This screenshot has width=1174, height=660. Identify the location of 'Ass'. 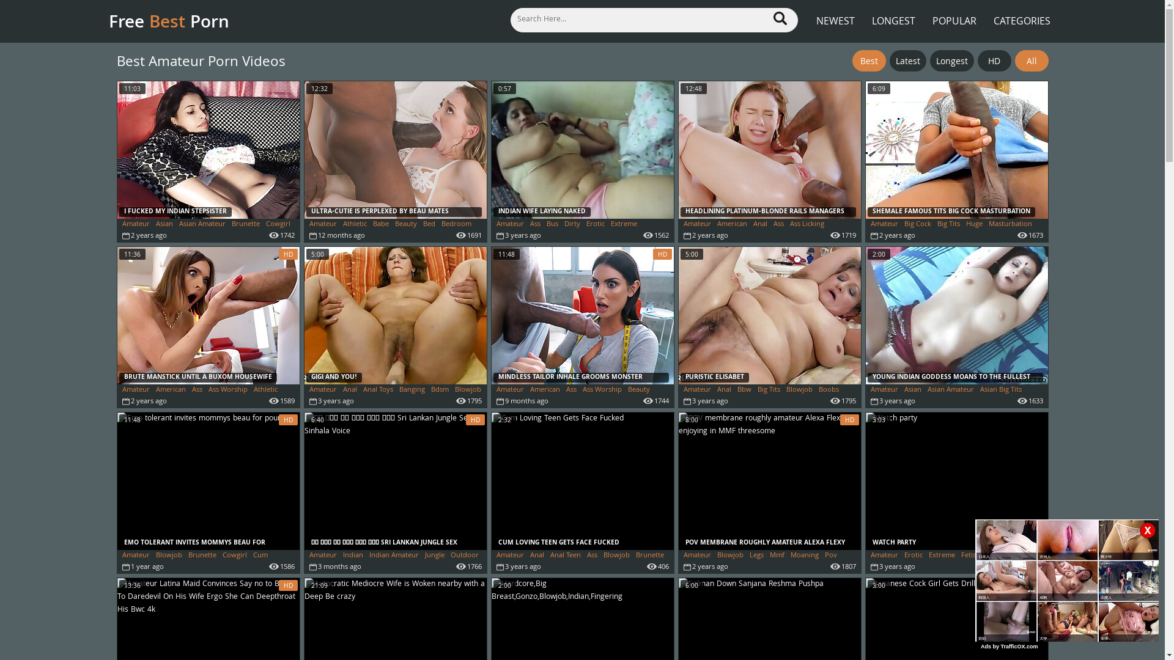
(592, 555).